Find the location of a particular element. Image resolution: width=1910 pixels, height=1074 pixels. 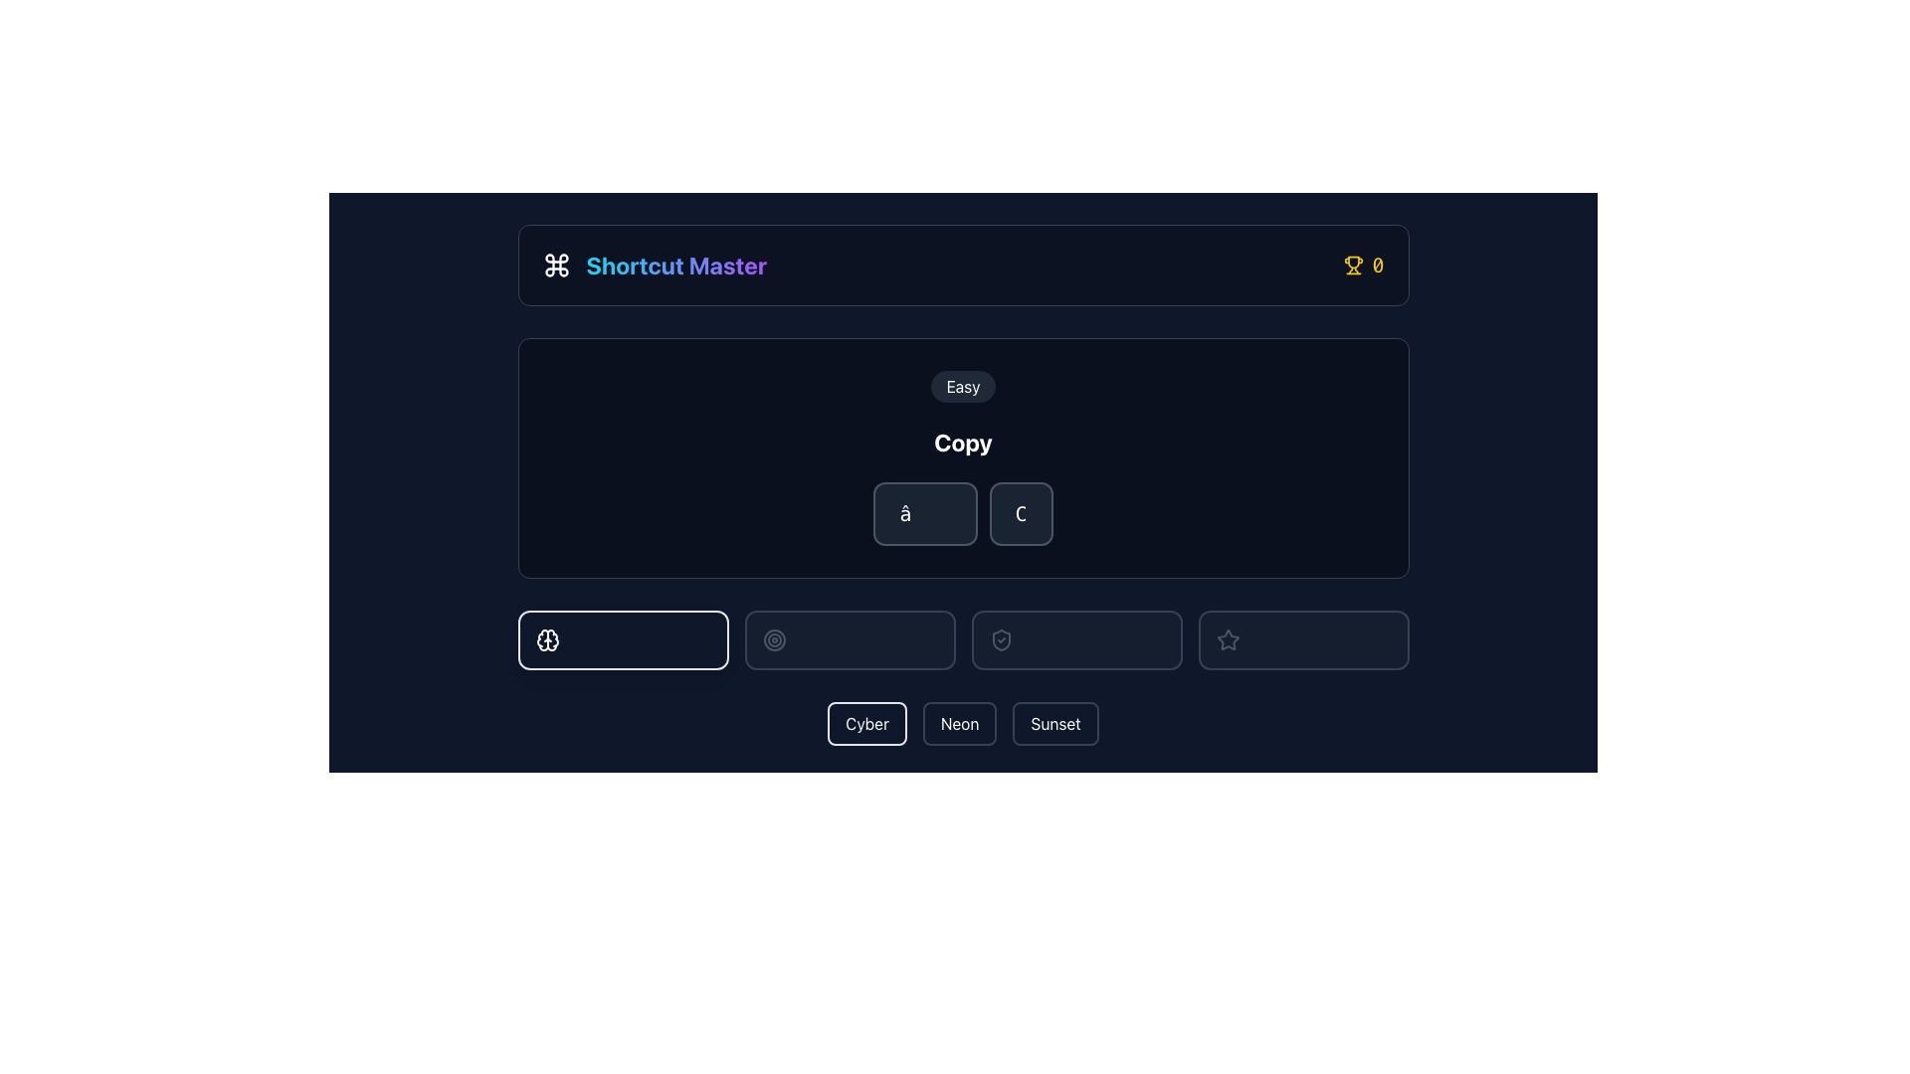

the stylized brain icon outlined in cyan, located within the first button of a horizontal group at the bottom of the interface is located at coordinates (547, 640).